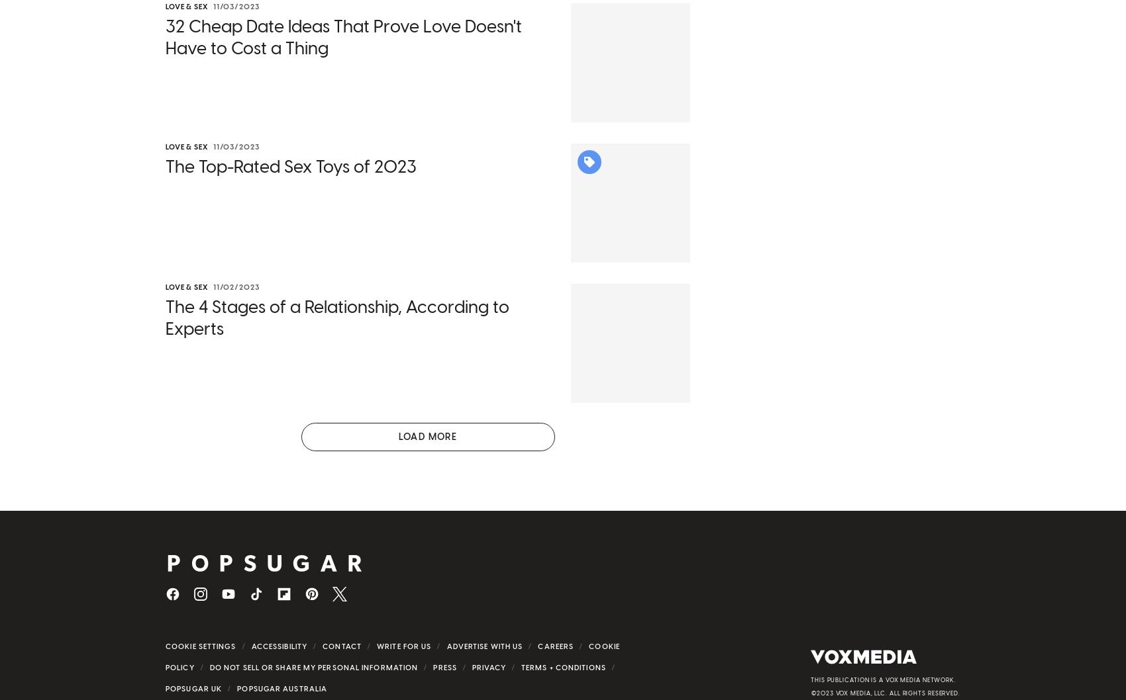 The width and height of the screenshot is (1126, 700). Describe the element at coordinates (407, 353) in the screenshot. I see `'want butts in chairs'` at that location.